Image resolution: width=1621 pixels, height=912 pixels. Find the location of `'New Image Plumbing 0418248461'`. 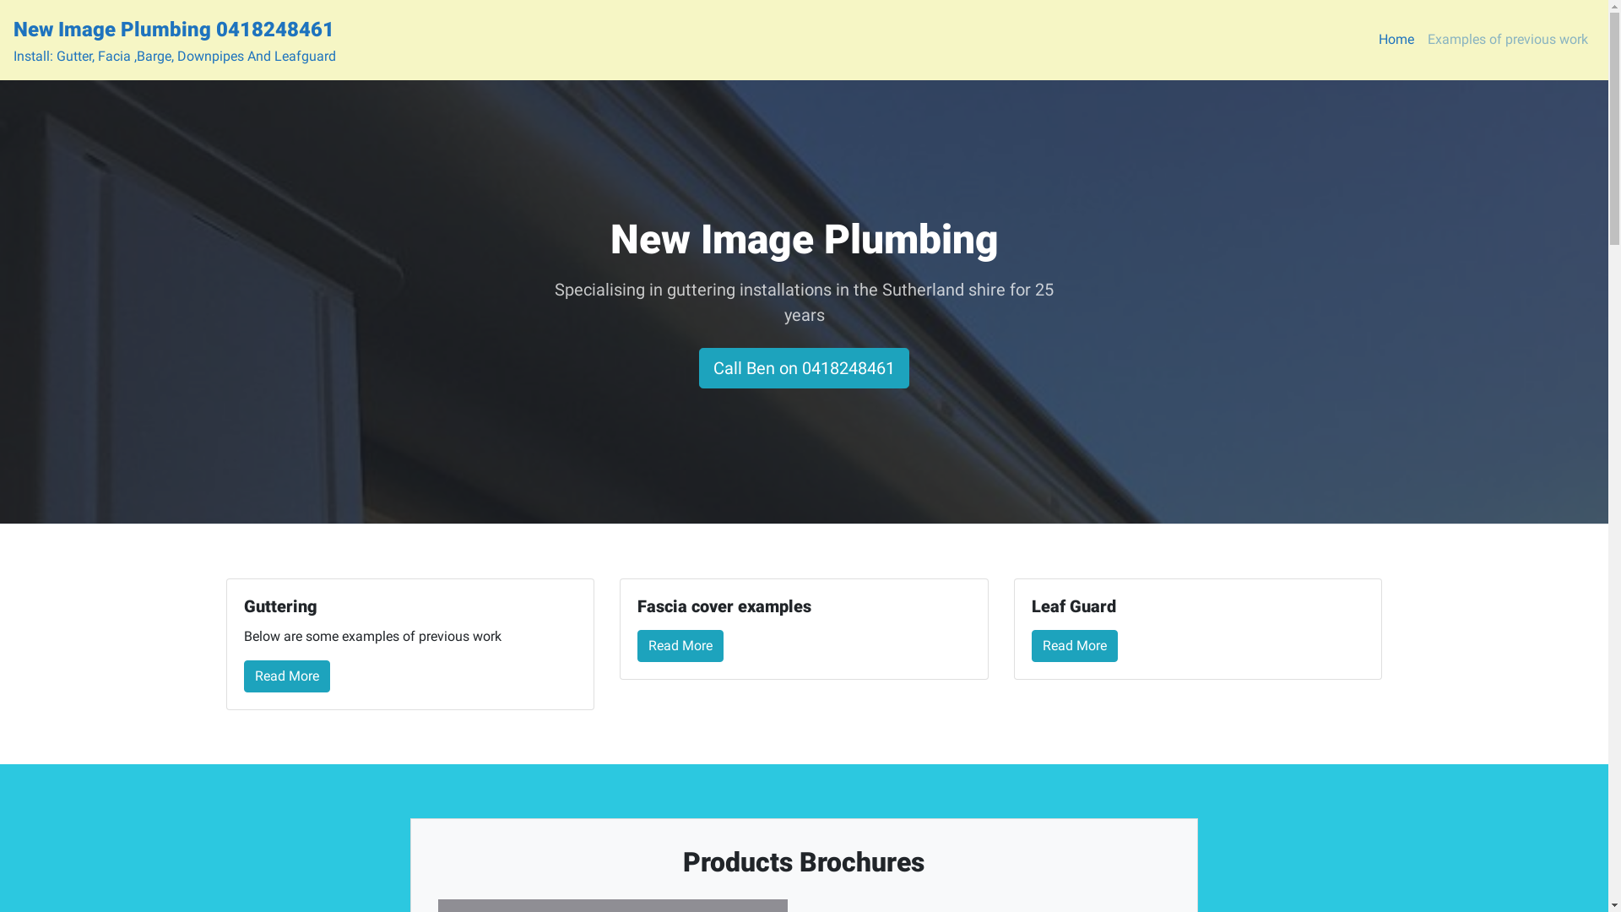

'New Image Plumbing 0418248461' is located at coordinates (13, 30).